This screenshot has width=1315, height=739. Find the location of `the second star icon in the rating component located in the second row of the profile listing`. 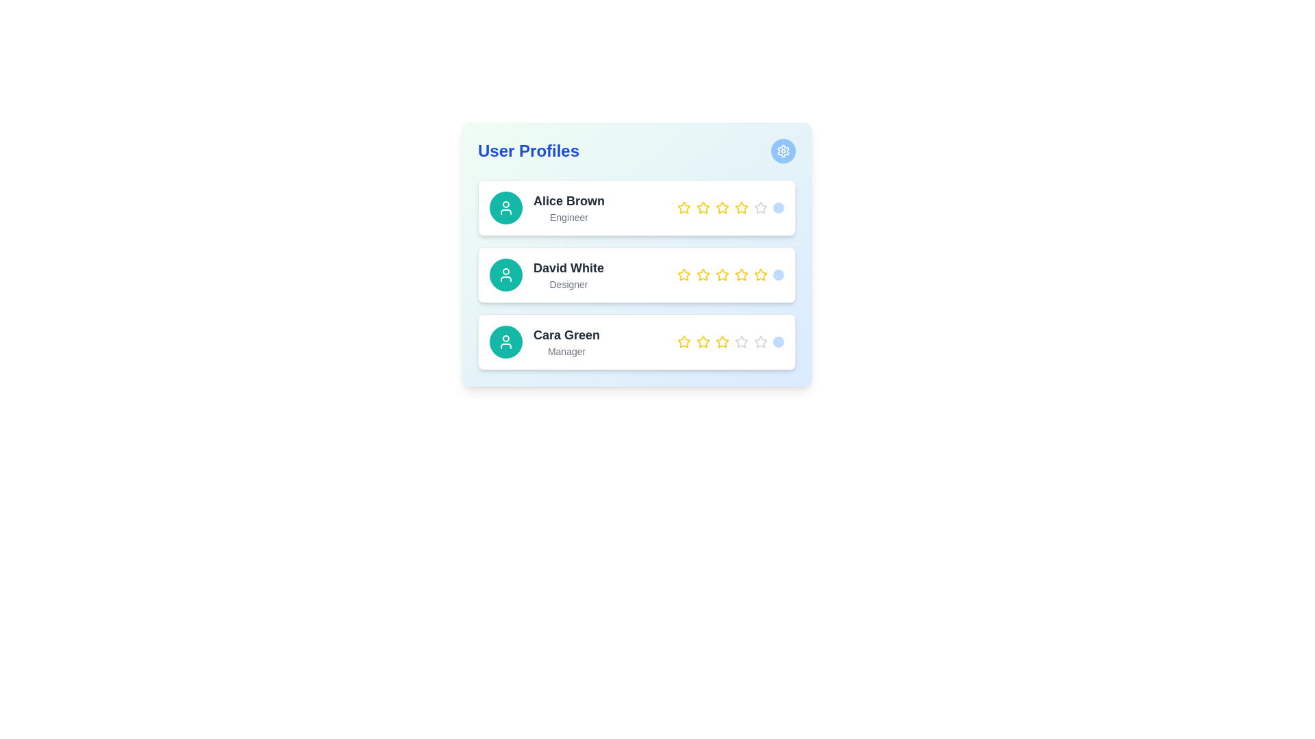

the second star icon in the rating component located in the second row of the profile listing is located at coordinates (703, 274).